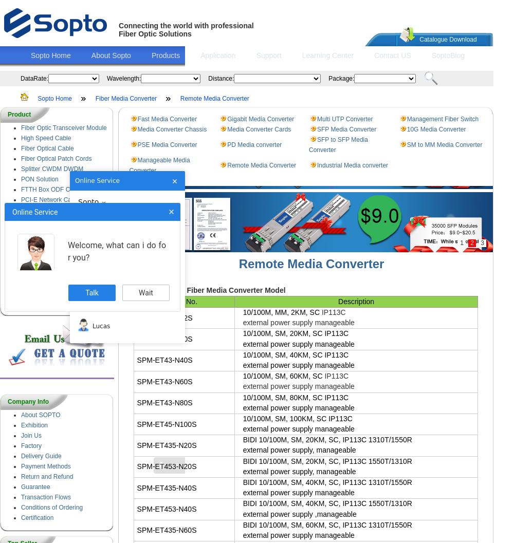  What do you see at coordinates (88, 201) in the screenshot?
I see `'Sopto'` at bounding box center [88, 201].